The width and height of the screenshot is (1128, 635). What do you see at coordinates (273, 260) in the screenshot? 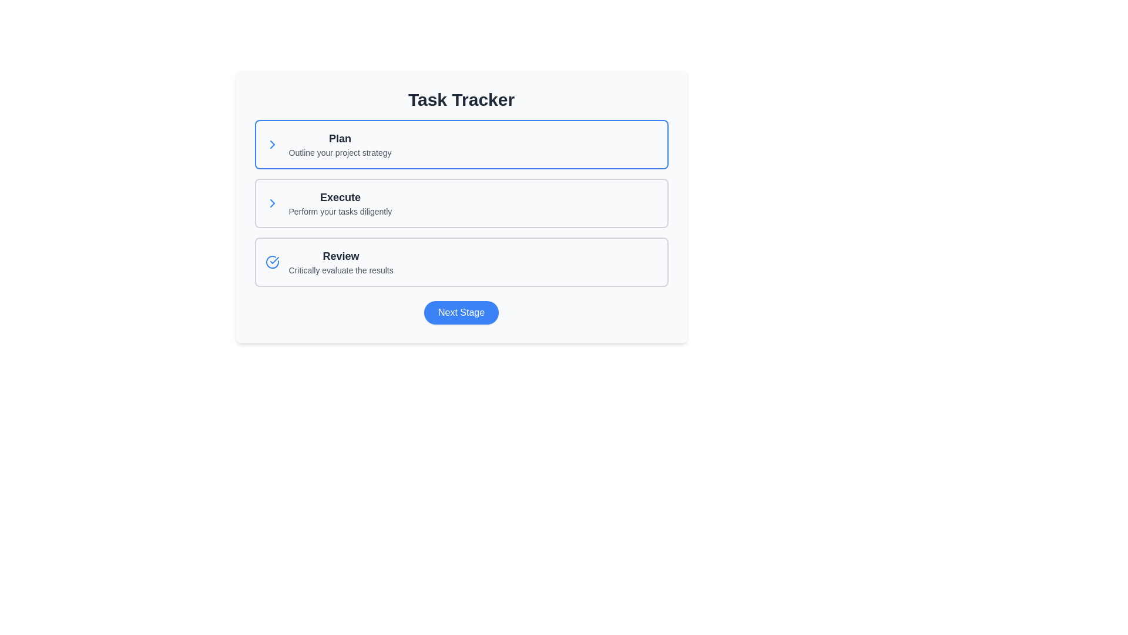
I see `the SVG Icon that indicates task completion, located within the 'Review' task item component at the bottom of the task list` at bounding box center [273, 260].